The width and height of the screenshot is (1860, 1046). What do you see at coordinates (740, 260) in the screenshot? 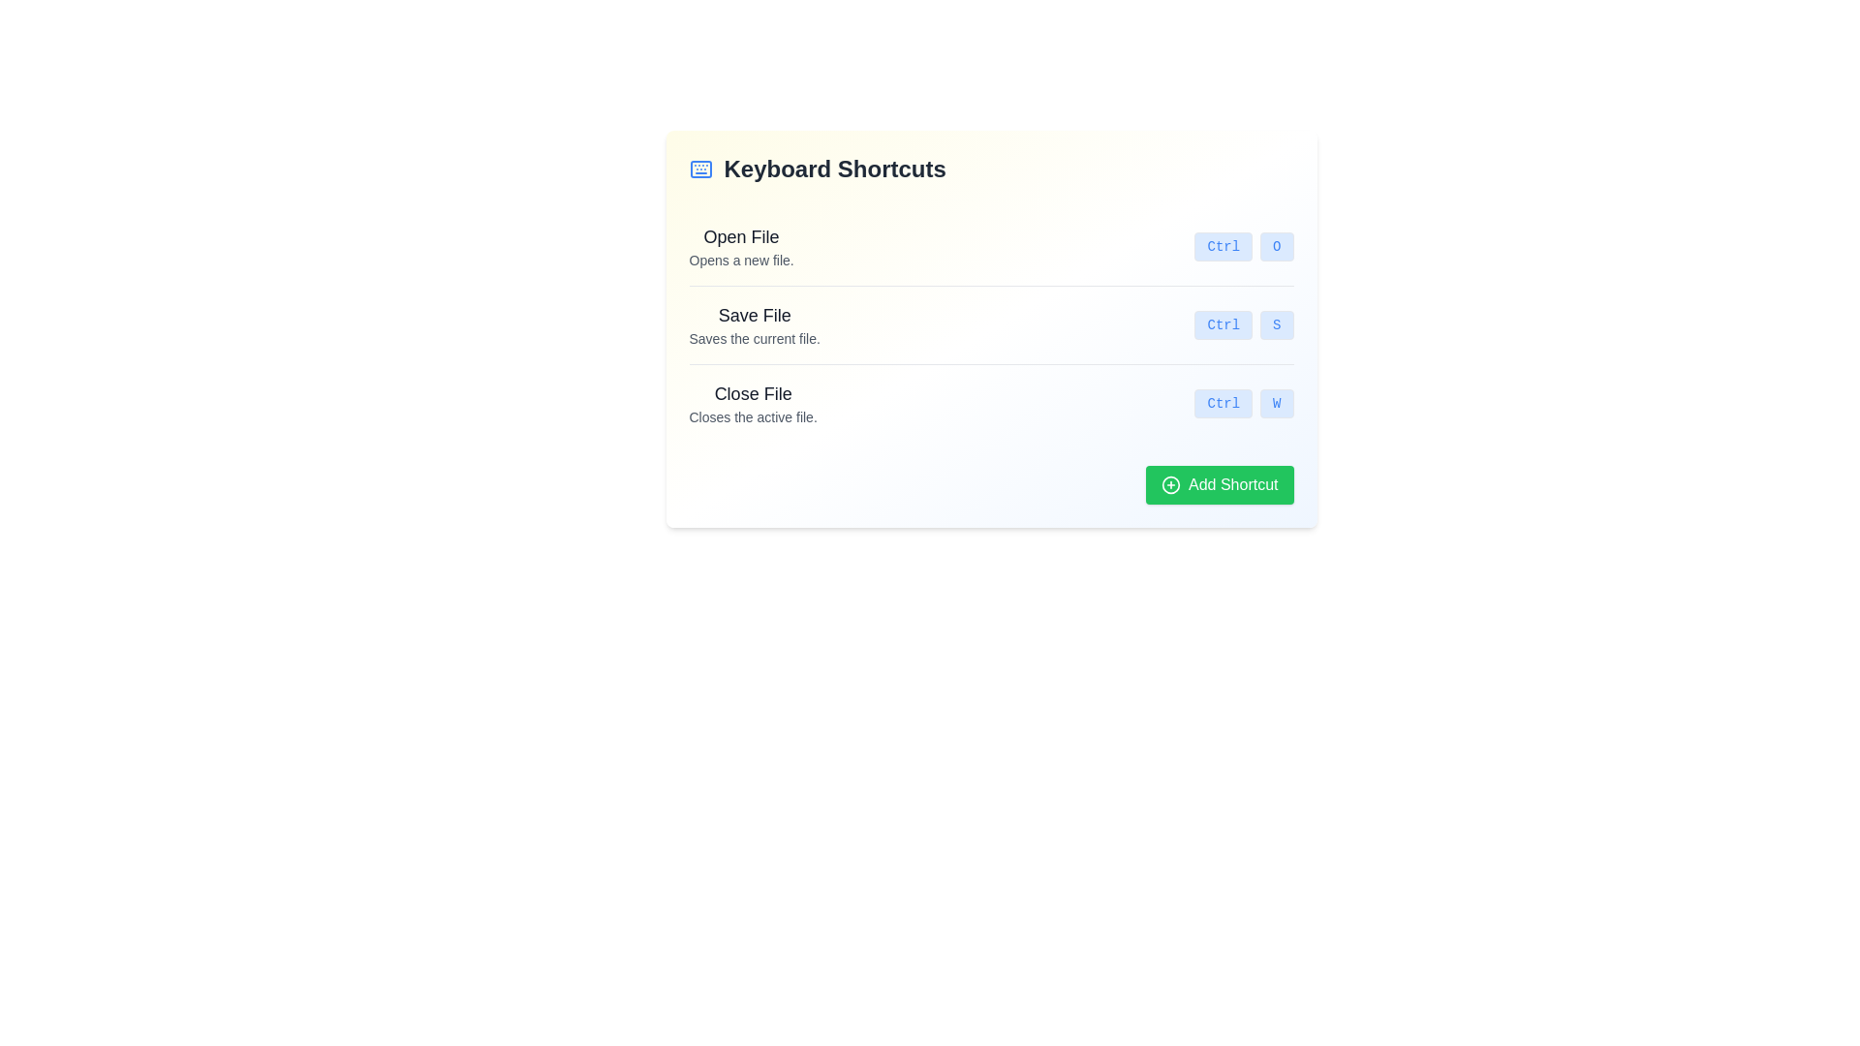
I see `descriptive text element that reads 'Opens a new file.' located beneath the 'Open File' header in the 'Keyboard Shortcuts' section` at bounding box center [740, 260].